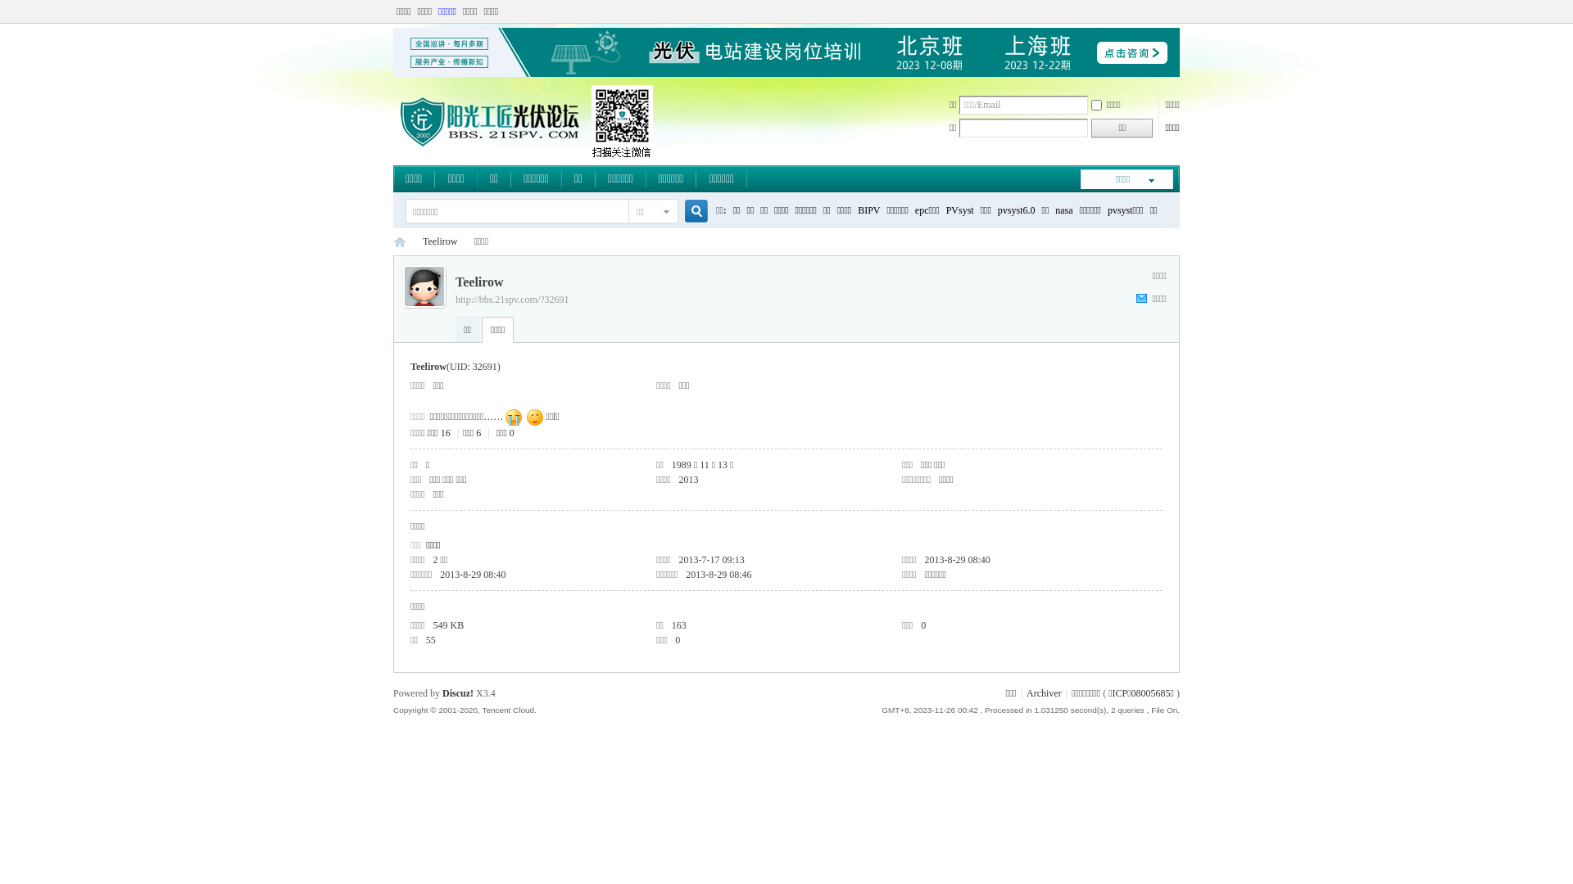 The image size is (1573, 884). What do you see at coordinates (868, 210) in the screenshot?
I see `'BIPV'` at bounding box center [868, 210].